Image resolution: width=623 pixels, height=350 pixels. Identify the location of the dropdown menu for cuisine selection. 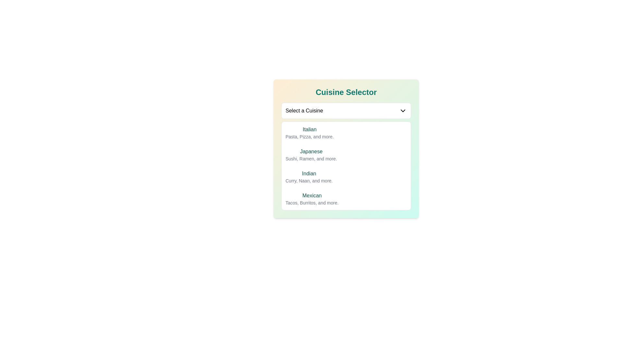
(346, 111).